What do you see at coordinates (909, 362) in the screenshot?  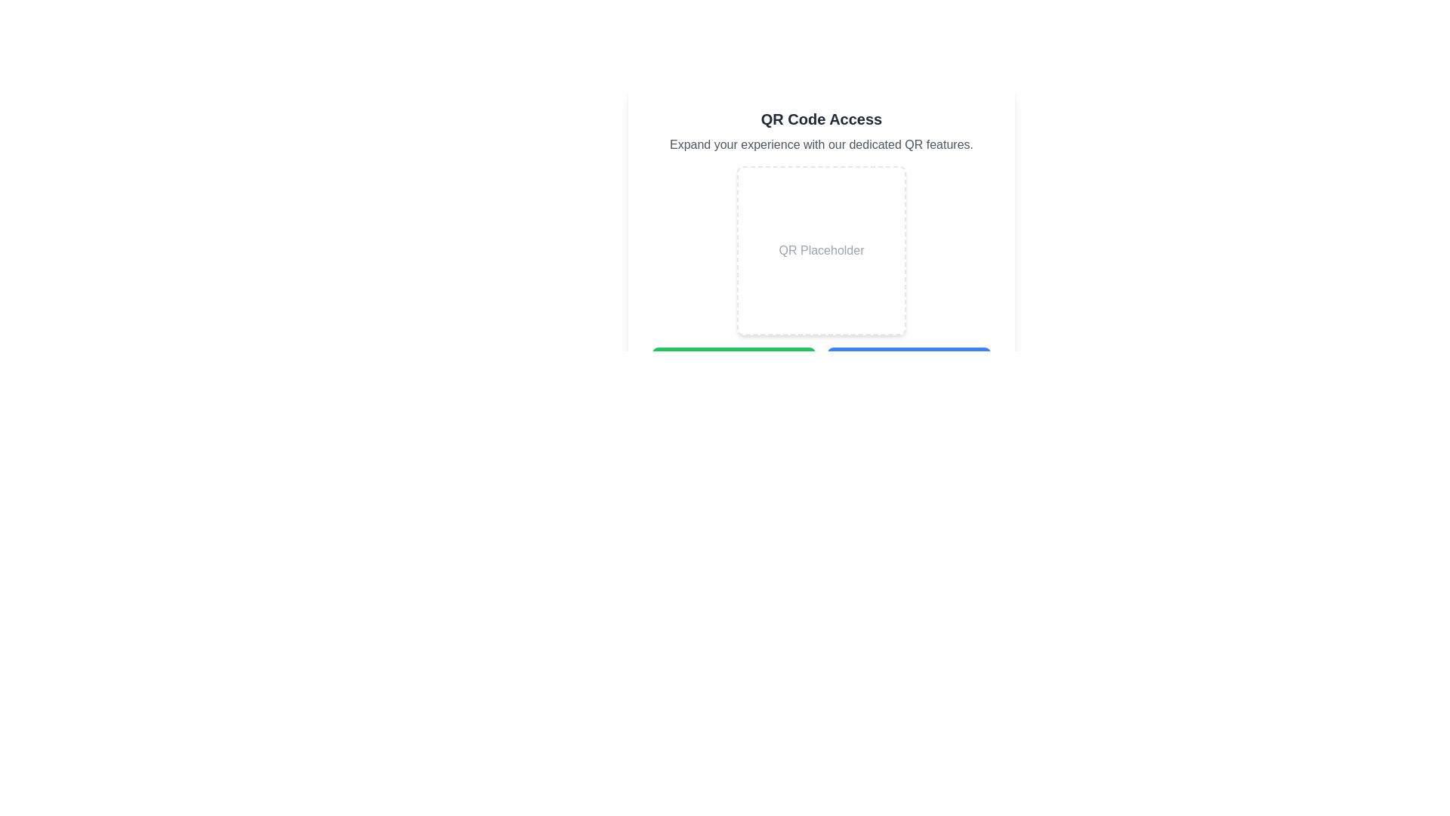 I see `the blue rectangular button labeled 'Open QR Code' to change its style to a darker blue` at bounding box center [909, 362].